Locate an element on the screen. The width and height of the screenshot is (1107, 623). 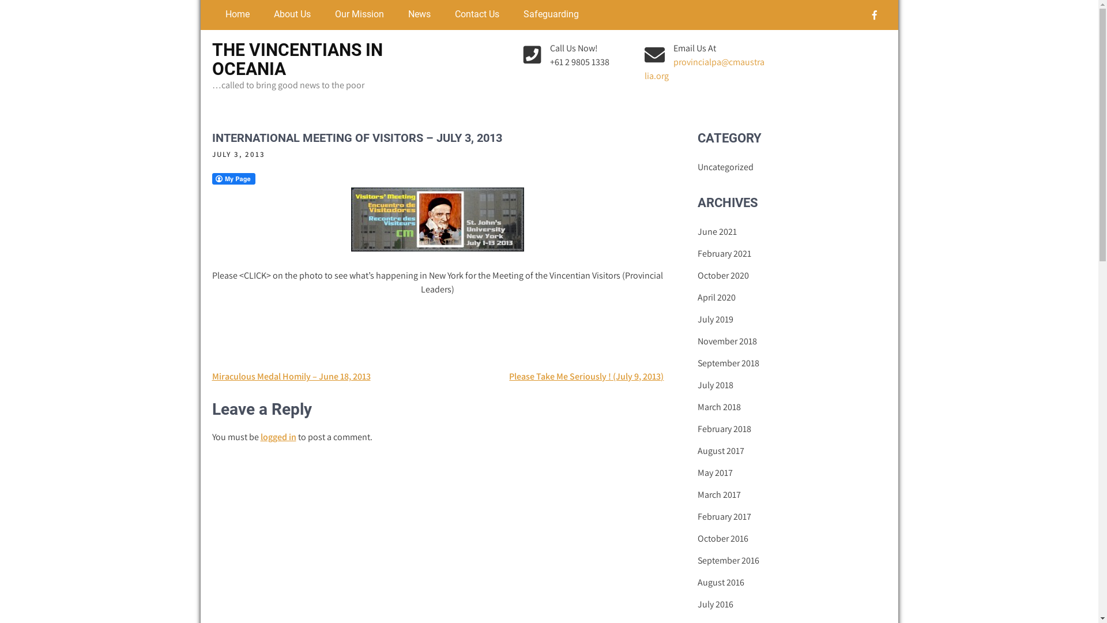
'Uncategorized' is located at coordinates (725, 167).